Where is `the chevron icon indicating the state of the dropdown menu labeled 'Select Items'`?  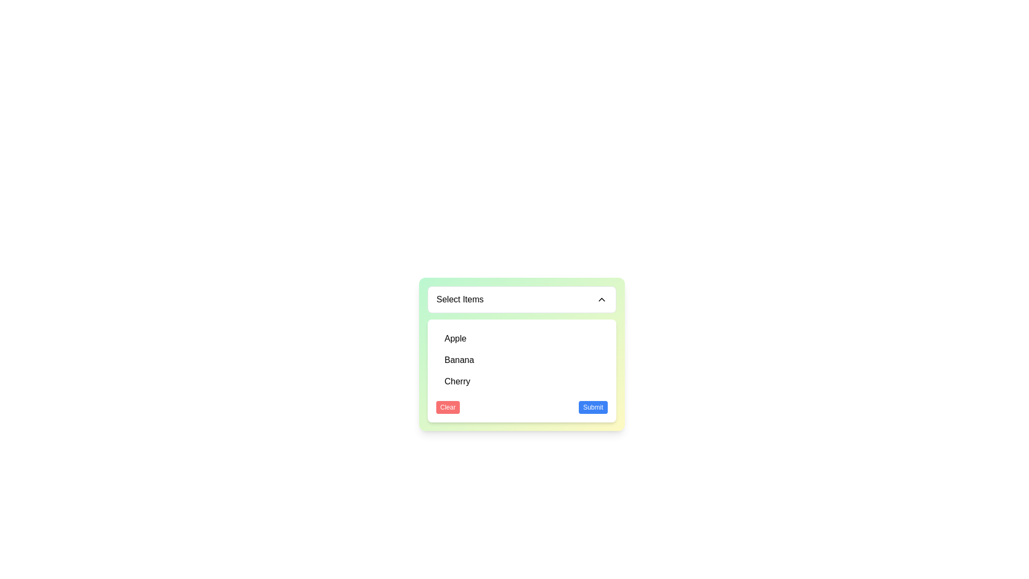
the chevron icon indicating the state of the dropdown menu labeled 'Select Items' is located at coordinates (601, 300).